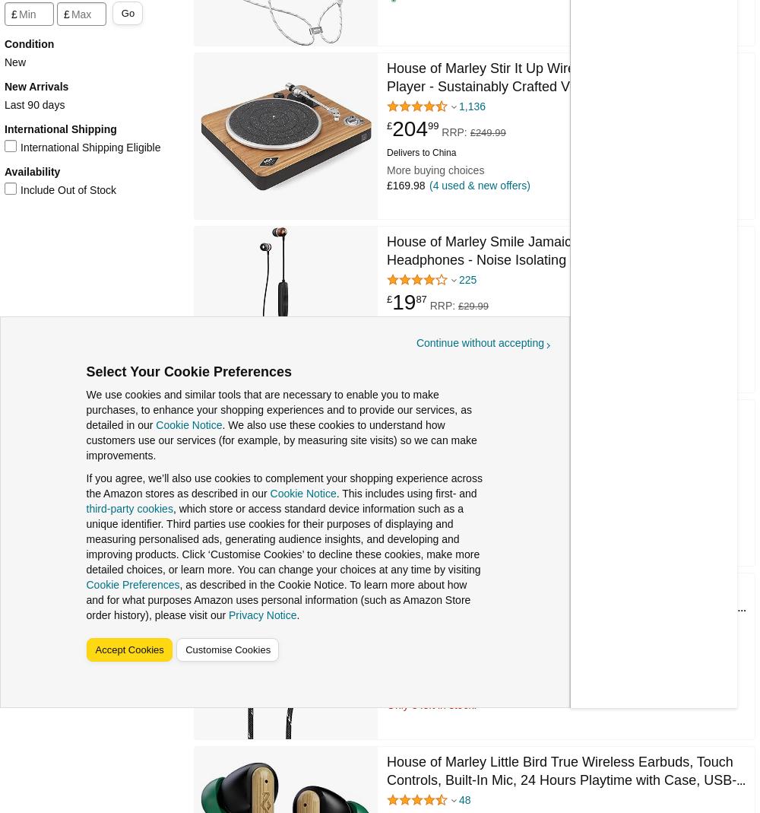  I want to click on '£179.98', so click(406, 488).